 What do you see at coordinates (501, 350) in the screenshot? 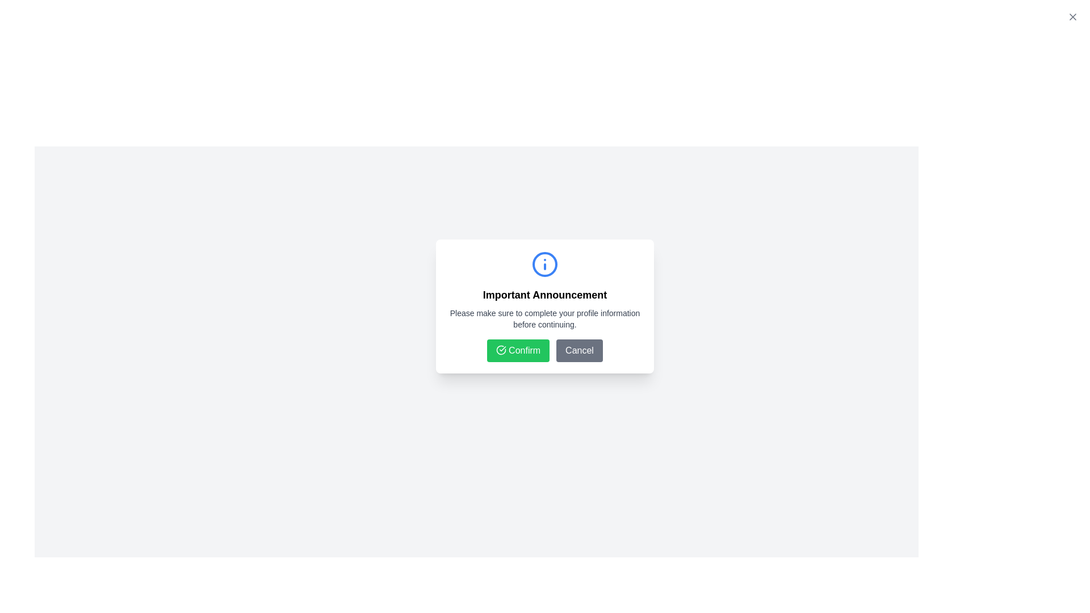
I see `the confirmation icon located to the left of the 'Confirm' button in the modal dialog box` at bounding box center [501, 350].